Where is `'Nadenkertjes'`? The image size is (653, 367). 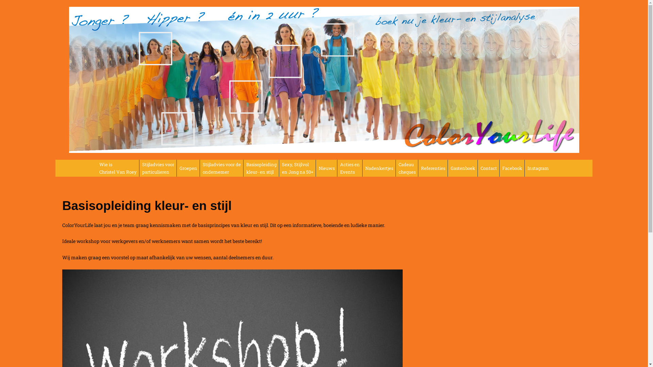
'Nadenkertjes' is located at coordinates (379, 168).